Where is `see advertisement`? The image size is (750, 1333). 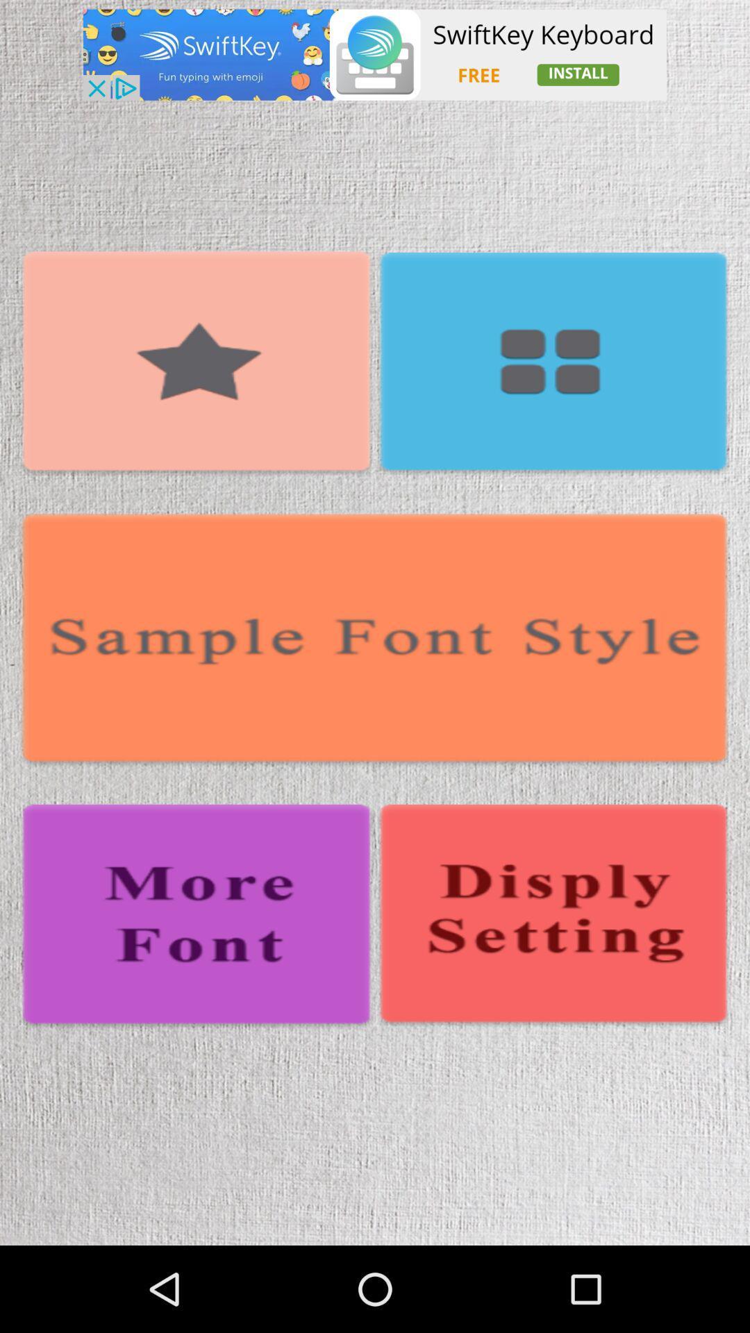 see advertisement is located at coordinates (375, 55).